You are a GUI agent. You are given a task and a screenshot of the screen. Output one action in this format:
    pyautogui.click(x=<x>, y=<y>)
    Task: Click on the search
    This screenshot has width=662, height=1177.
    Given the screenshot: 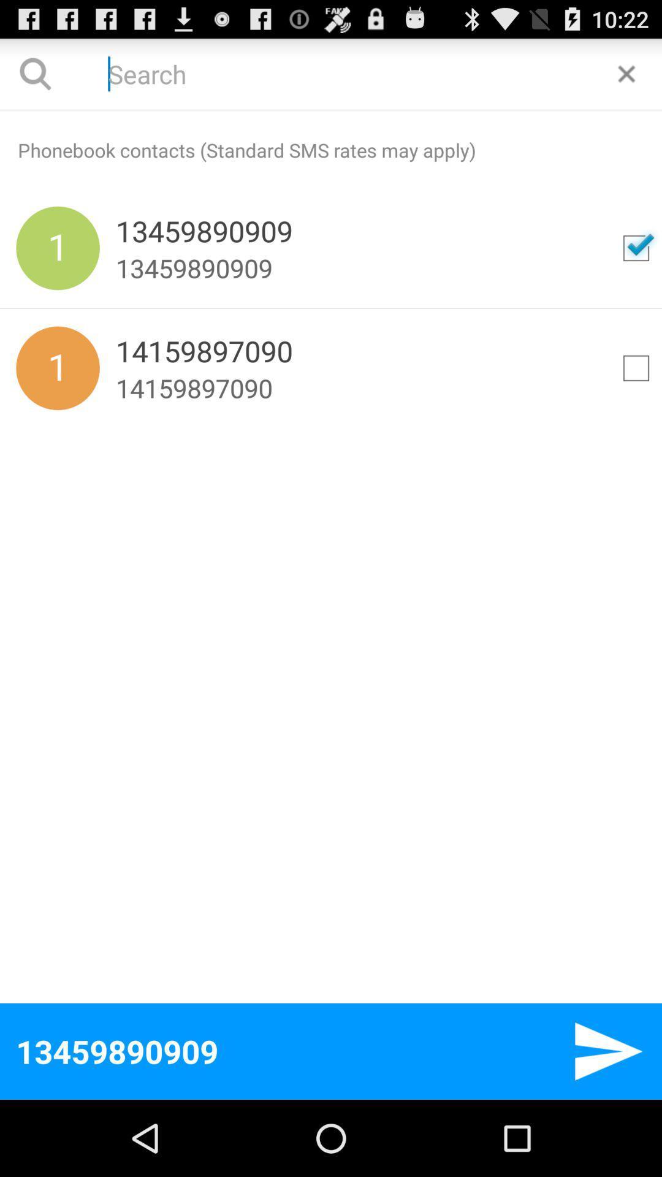 What is the action you would take?
    pyautogui.click(x=331, y=73)
    